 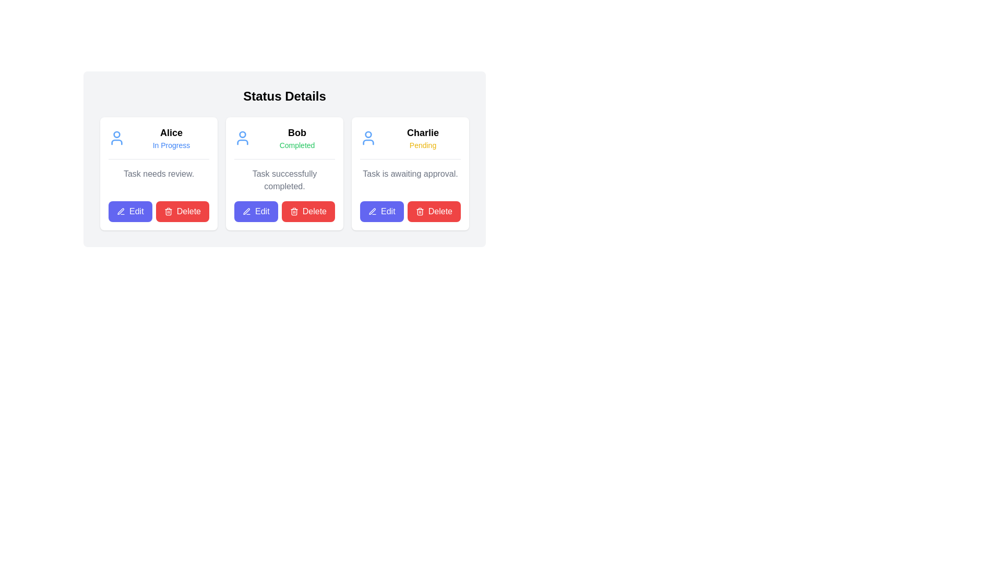 I want to click on the red rounded 'Delete' button with a trashcan icon located at the bottom-right side of the 'Charlie' card, so click(x=434, y=211).